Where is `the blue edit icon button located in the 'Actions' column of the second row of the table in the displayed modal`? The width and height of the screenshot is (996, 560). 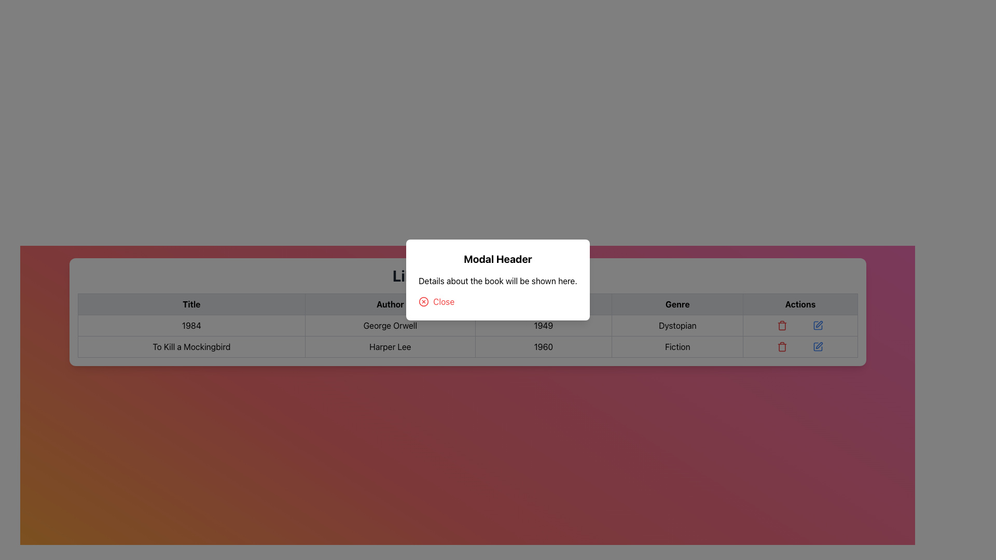 the blue edit icon button located in the 'Actions' column of the second row of the table in the displayed modal is located at coordinates (818, 346).